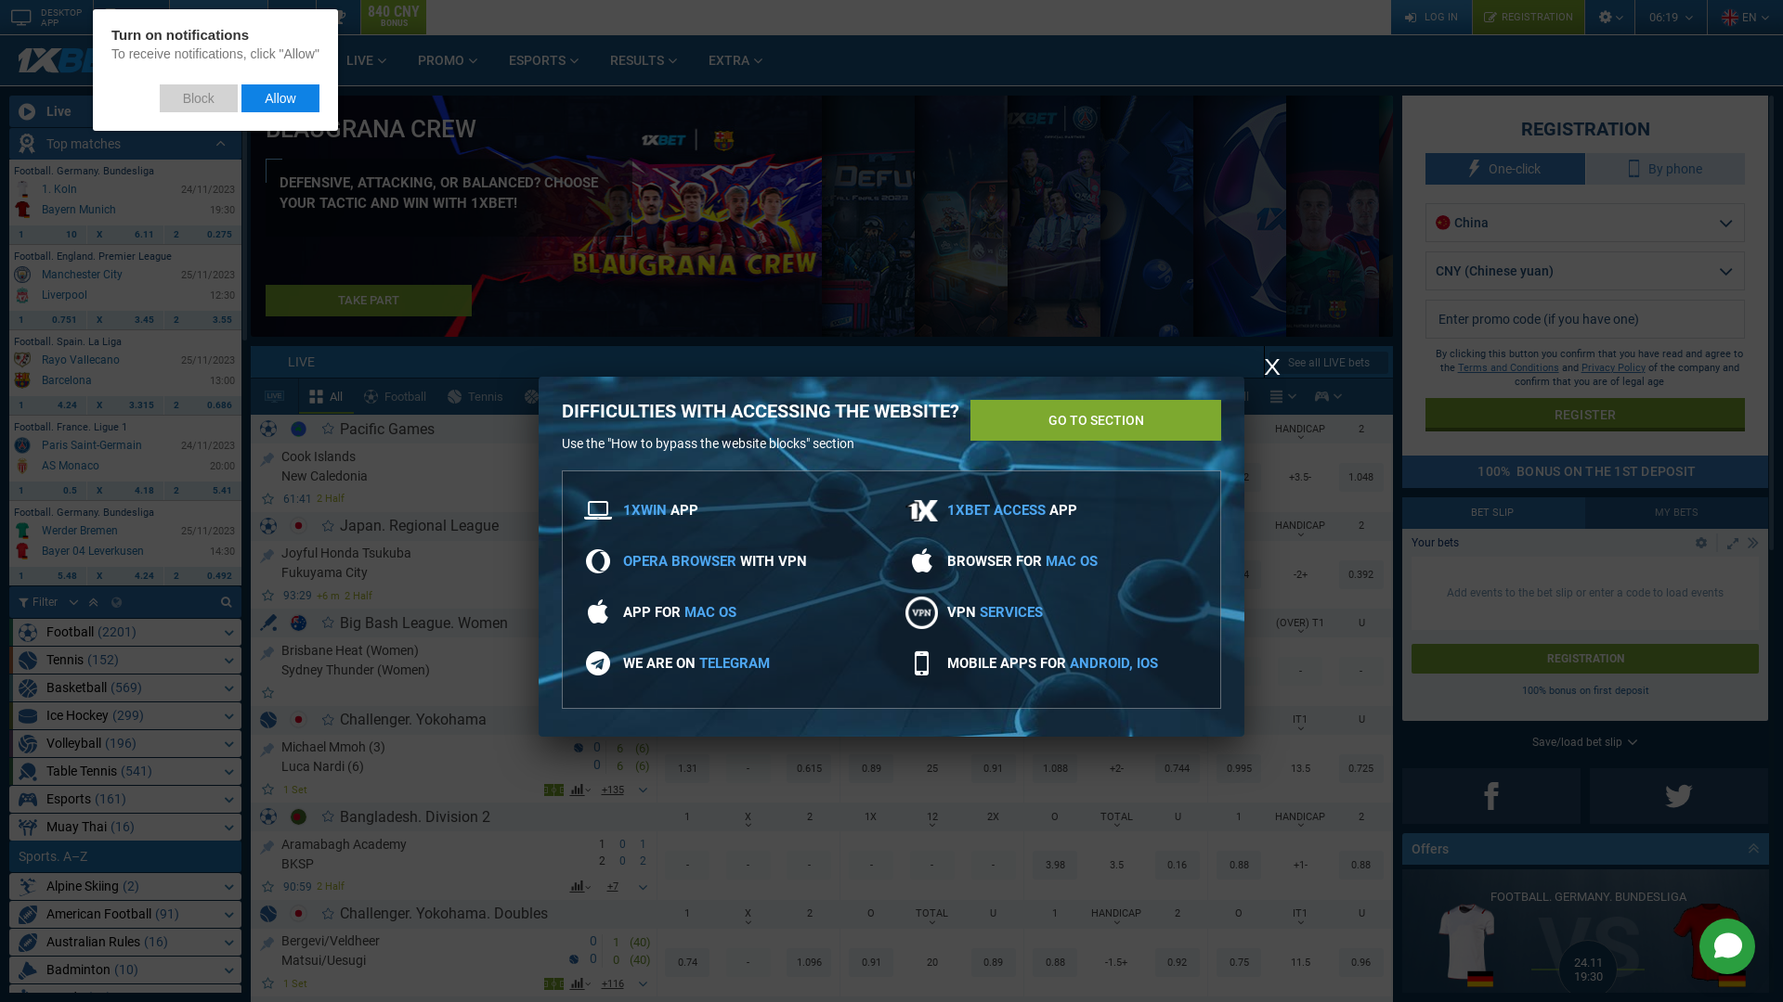 The width and height of the screenshot is (1783, 1002). What do you see at coordinates (430, 560) in the screenshot?
I see `'Joyful Honda Tsukuba` at bounding box center [430, 560].